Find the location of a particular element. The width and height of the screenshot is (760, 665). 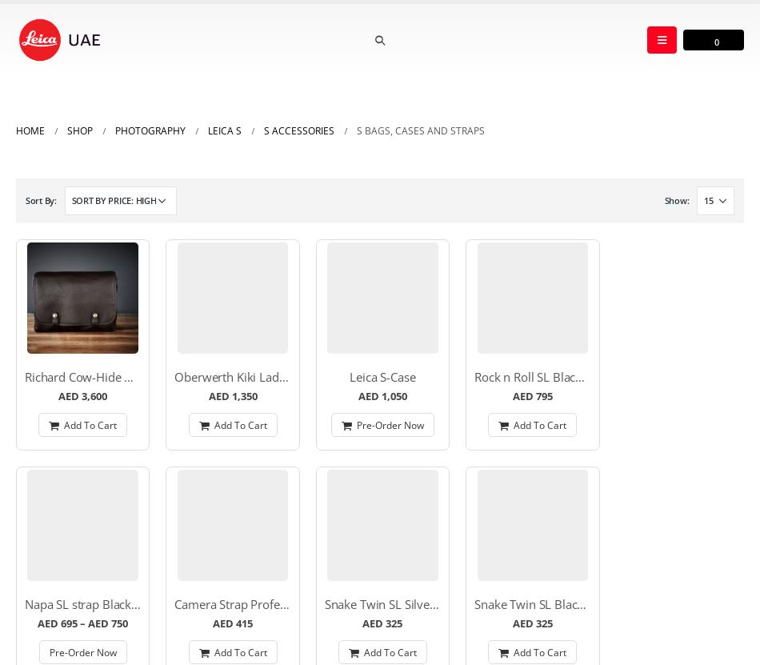

'Camera Strap Professionl S/SL' is located at coordinates (254, 603).